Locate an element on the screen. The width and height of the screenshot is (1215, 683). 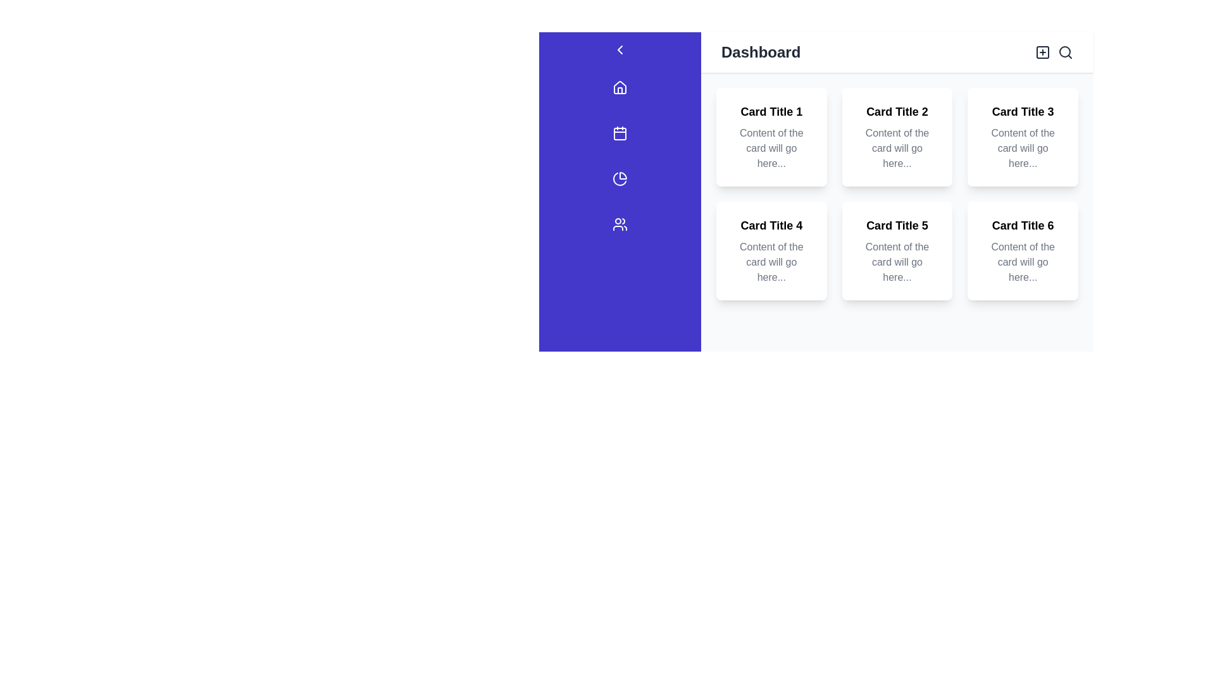
the statistical data visualization icon located in the vertical navigation bar on the left side of the interface is located at coordinates (620, 178).